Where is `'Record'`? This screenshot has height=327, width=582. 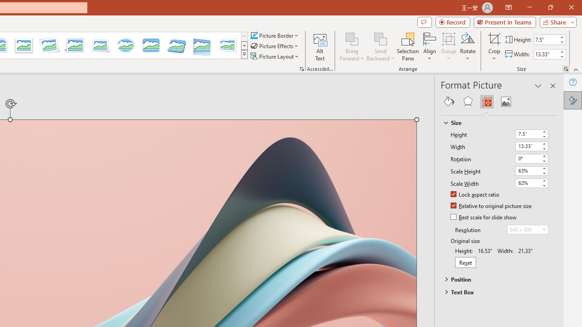
'Record' is located at coordinates (452, 21).